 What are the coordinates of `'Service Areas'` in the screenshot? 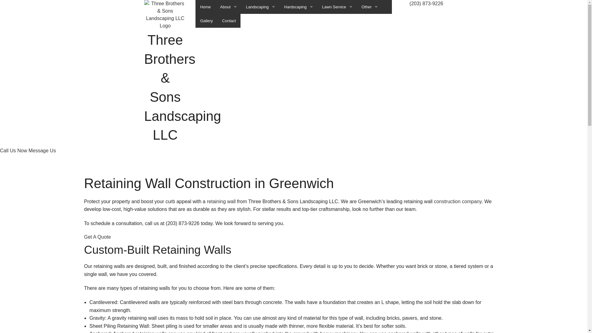 It's located at (228, 35).